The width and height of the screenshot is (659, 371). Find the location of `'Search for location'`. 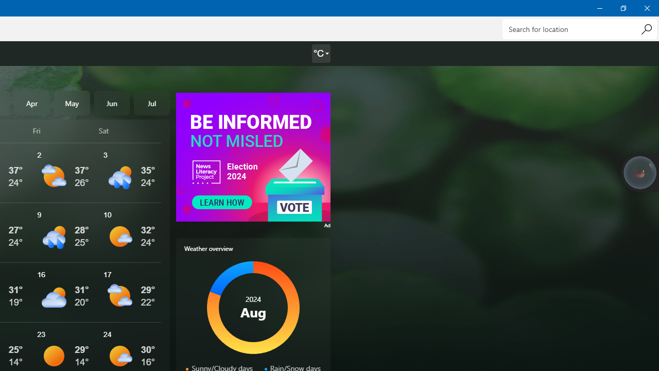

'Search for location' is located at coordinates (579, 28).